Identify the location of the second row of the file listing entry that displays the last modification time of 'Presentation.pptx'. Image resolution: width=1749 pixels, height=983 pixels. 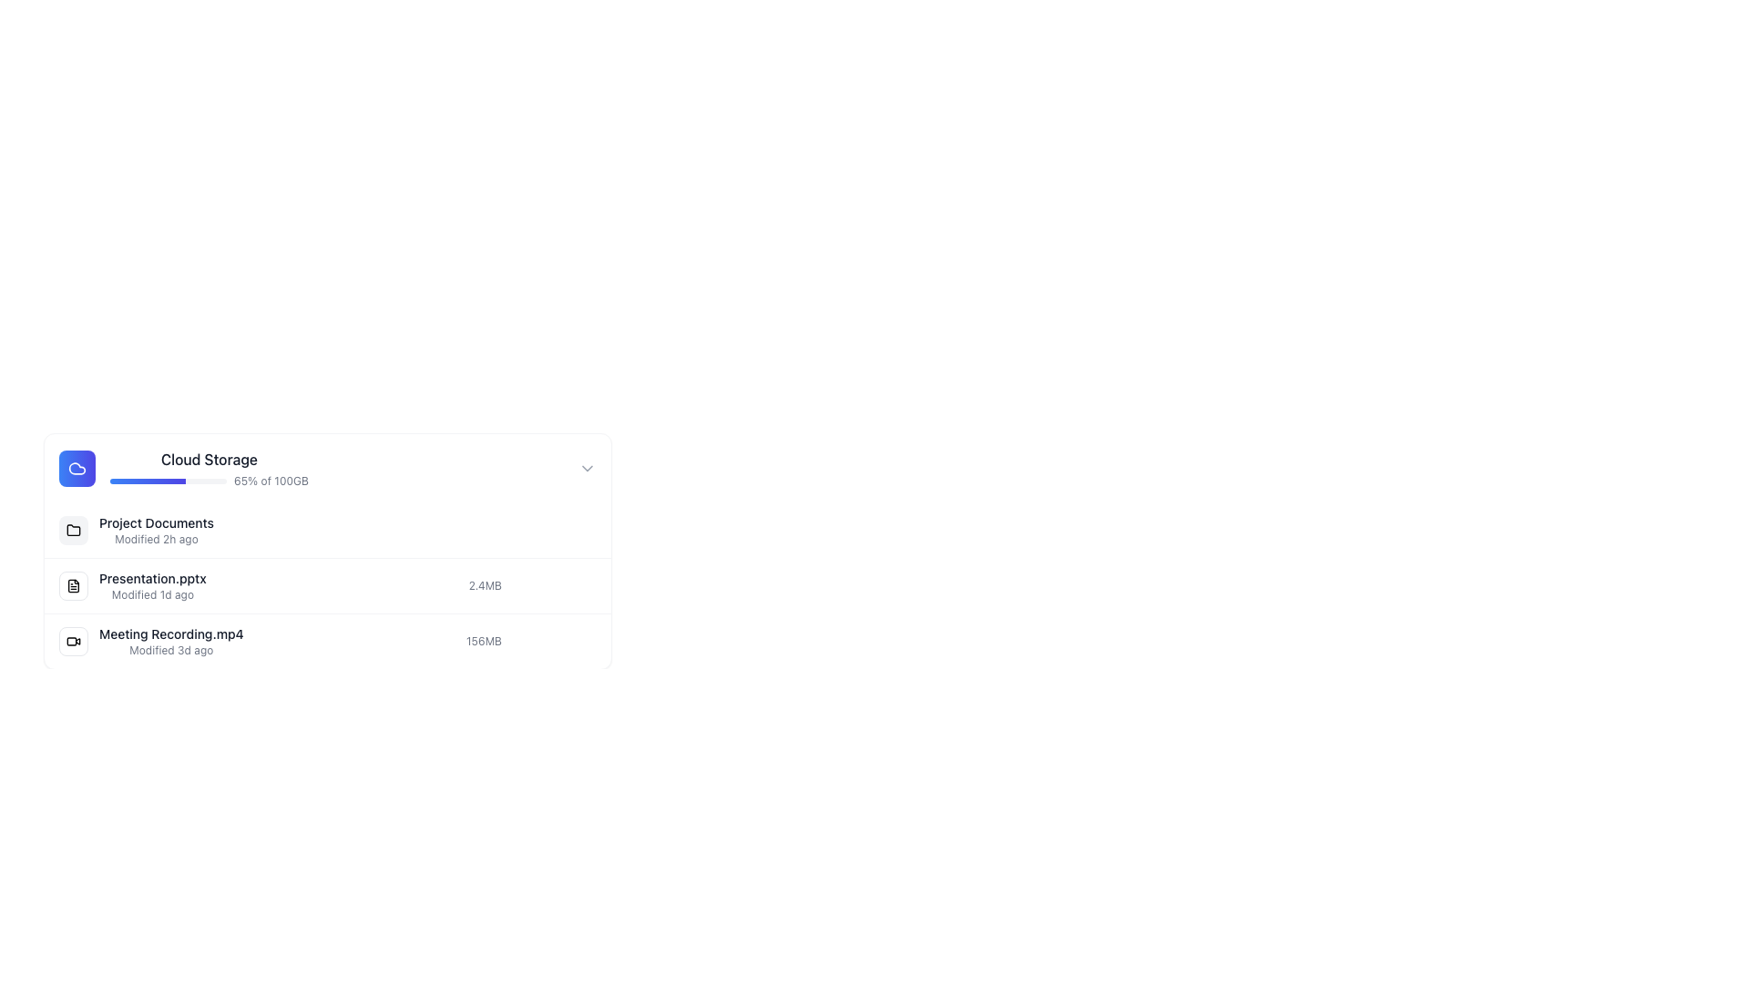
(152, 586).